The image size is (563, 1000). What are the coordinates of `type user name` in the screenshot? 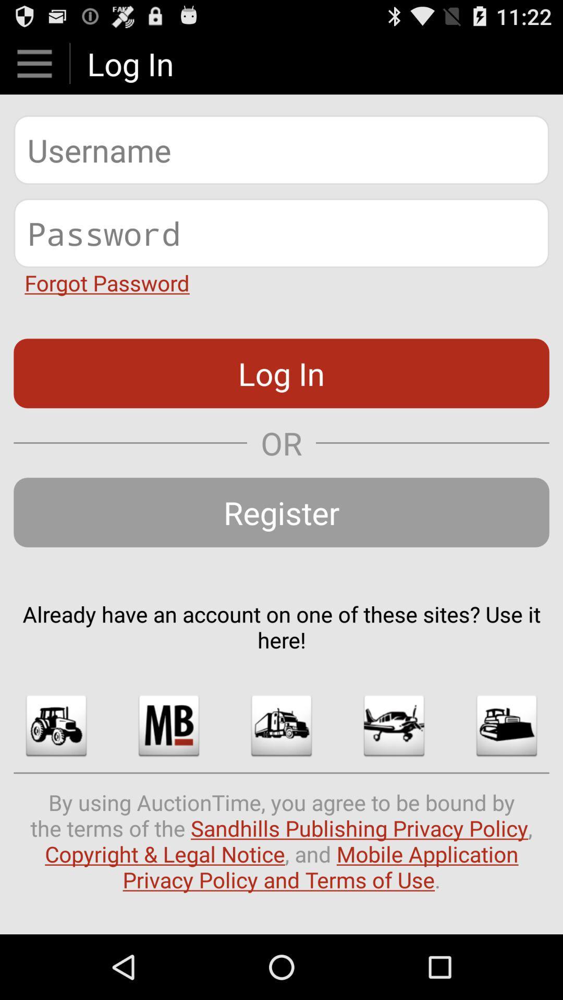 It's located at (281, 149).